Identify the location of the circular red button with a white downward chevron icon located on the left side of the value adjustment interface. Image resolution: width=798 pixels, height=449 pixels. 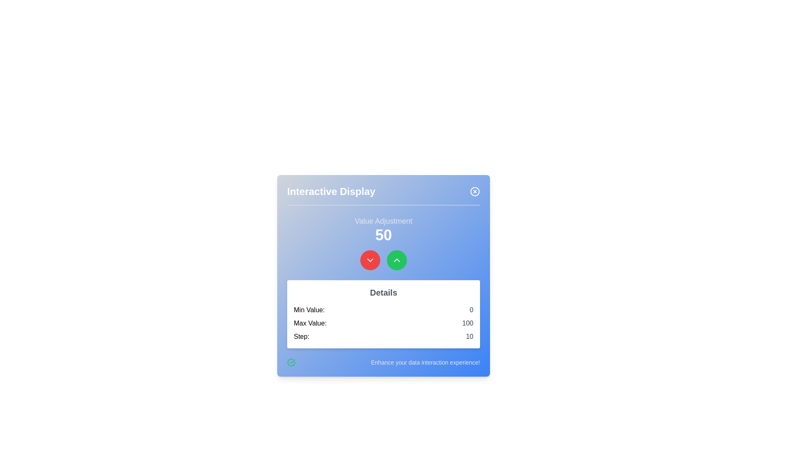
(370, 259).